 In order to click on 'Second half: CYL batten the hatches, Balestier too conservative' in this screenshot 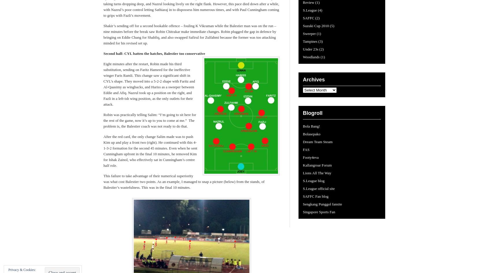, I will do `click(103, 53)`.